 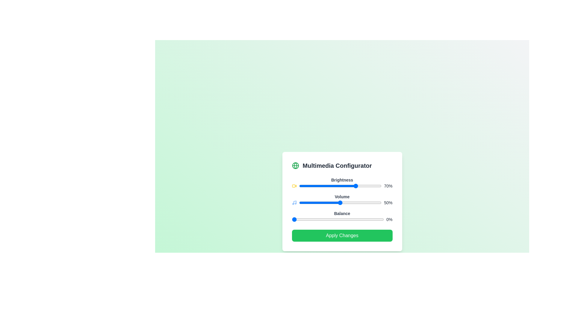 What do you see at coordinates (342, 235) in the screenshot?
I see `the 'Apply Changes' button to save the settings` at bounding box center [342, 235].